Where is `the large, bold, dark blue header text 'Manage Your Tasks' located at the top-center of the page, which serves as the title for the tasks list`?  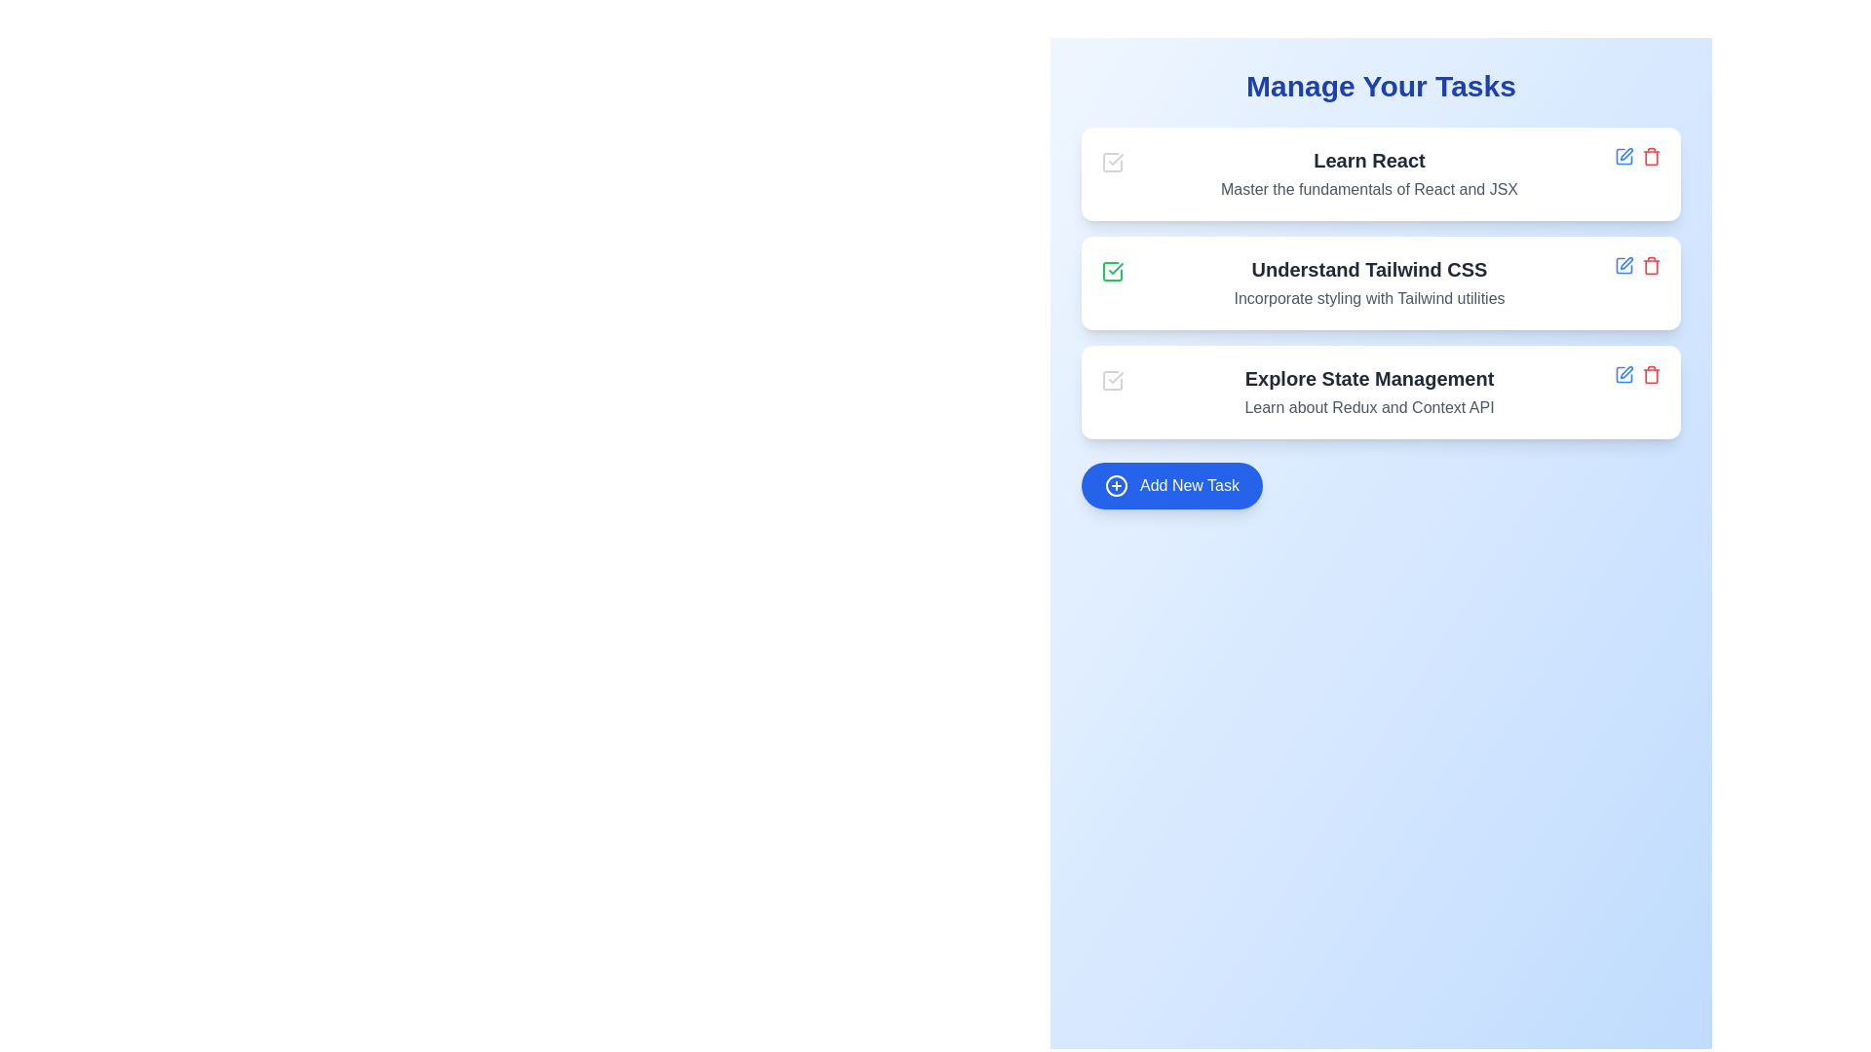 the large, bold, dark blue header text 'Manage Your Tasks' located at the top-center of the page, which serves as the title for the tasks list is located at coordinates (1380, 85).